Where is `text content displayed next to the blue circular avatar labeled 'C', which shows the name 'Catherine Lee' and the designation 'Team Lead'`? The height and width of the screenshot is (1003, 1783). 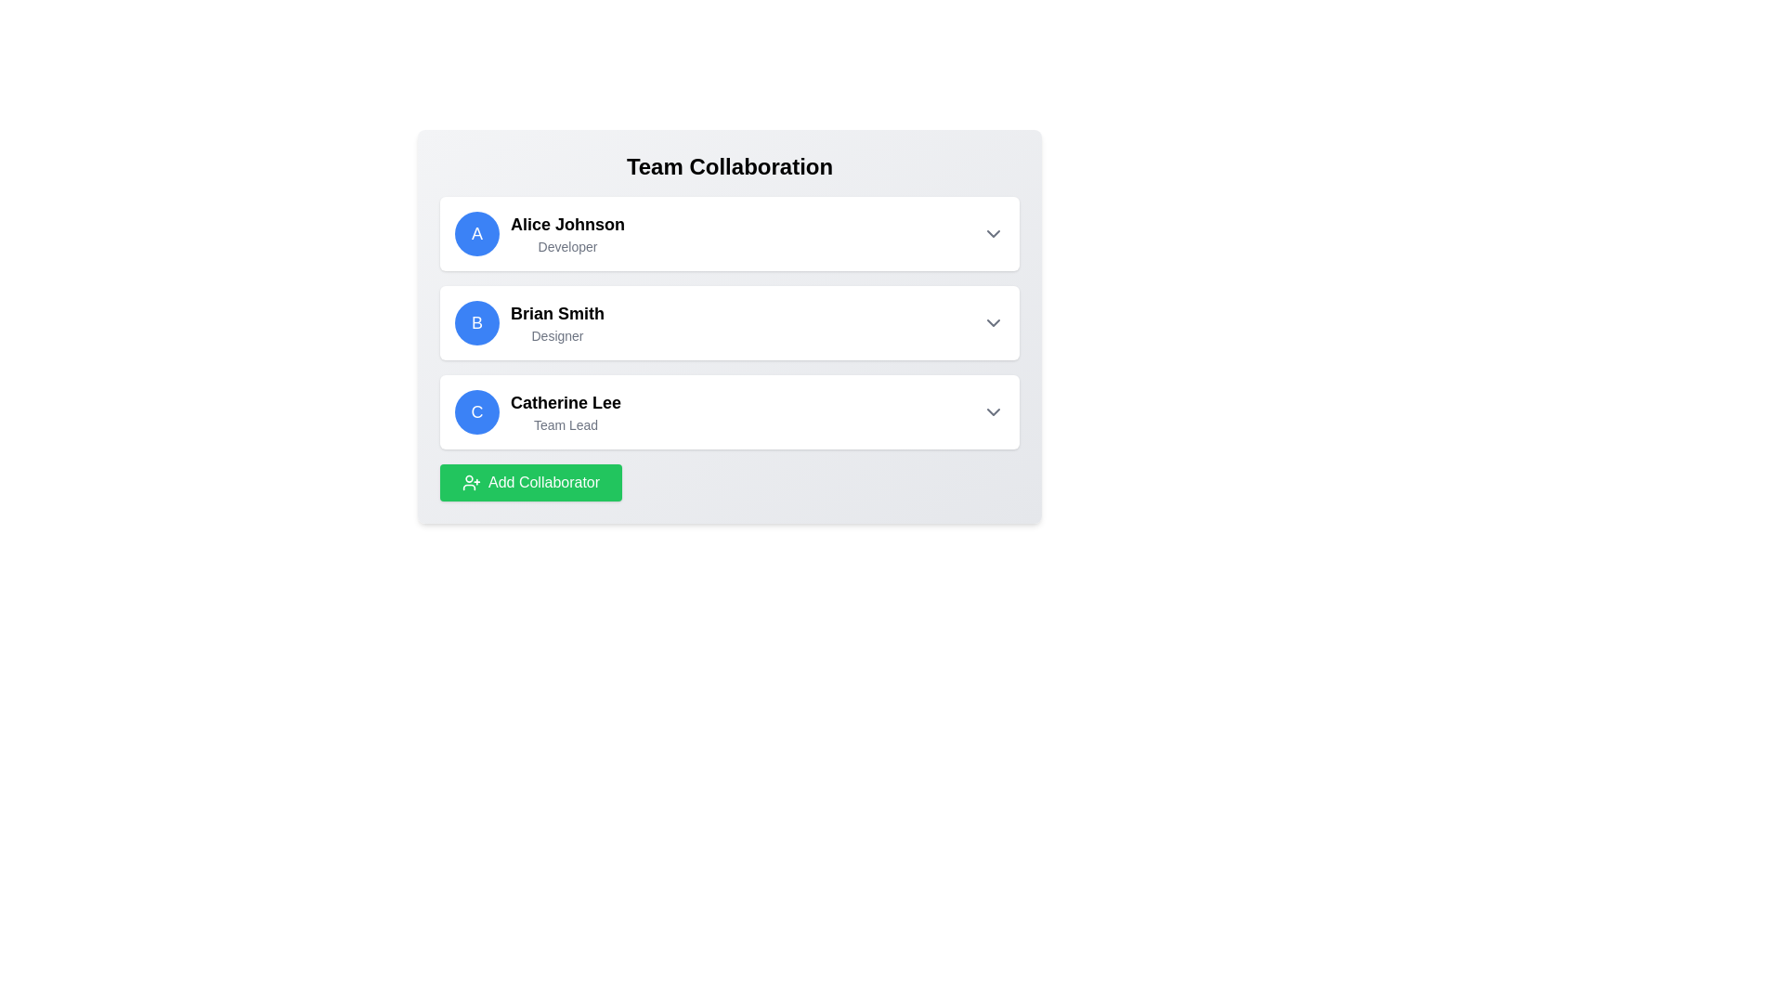 text content displayed next to the blue circular avatar labeled 'C', which shows the name 'Catherine Lee' and the designation 'Team Lead' is located at coordinates (565, 410).